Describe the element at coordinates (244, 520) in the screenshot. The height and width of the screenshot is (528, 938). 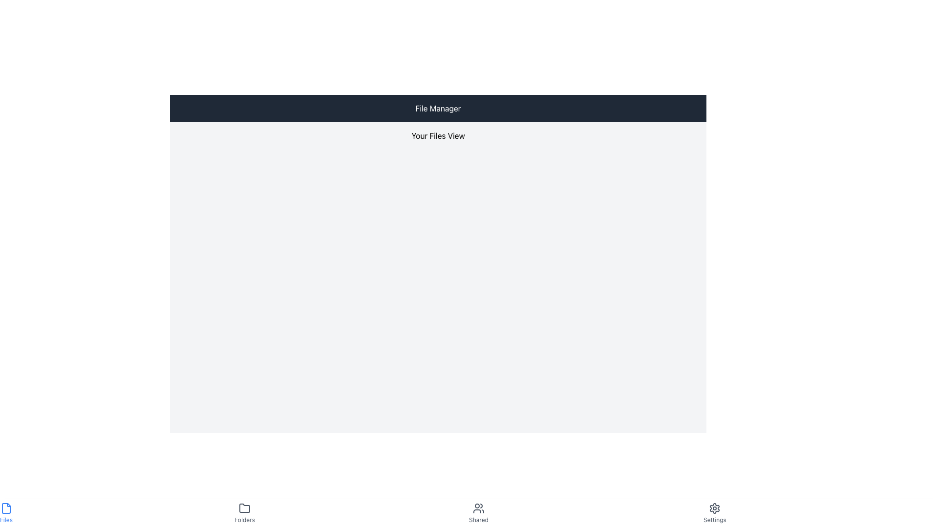
I see `the 'Folders' text label located beneath the folder icon` at that location.